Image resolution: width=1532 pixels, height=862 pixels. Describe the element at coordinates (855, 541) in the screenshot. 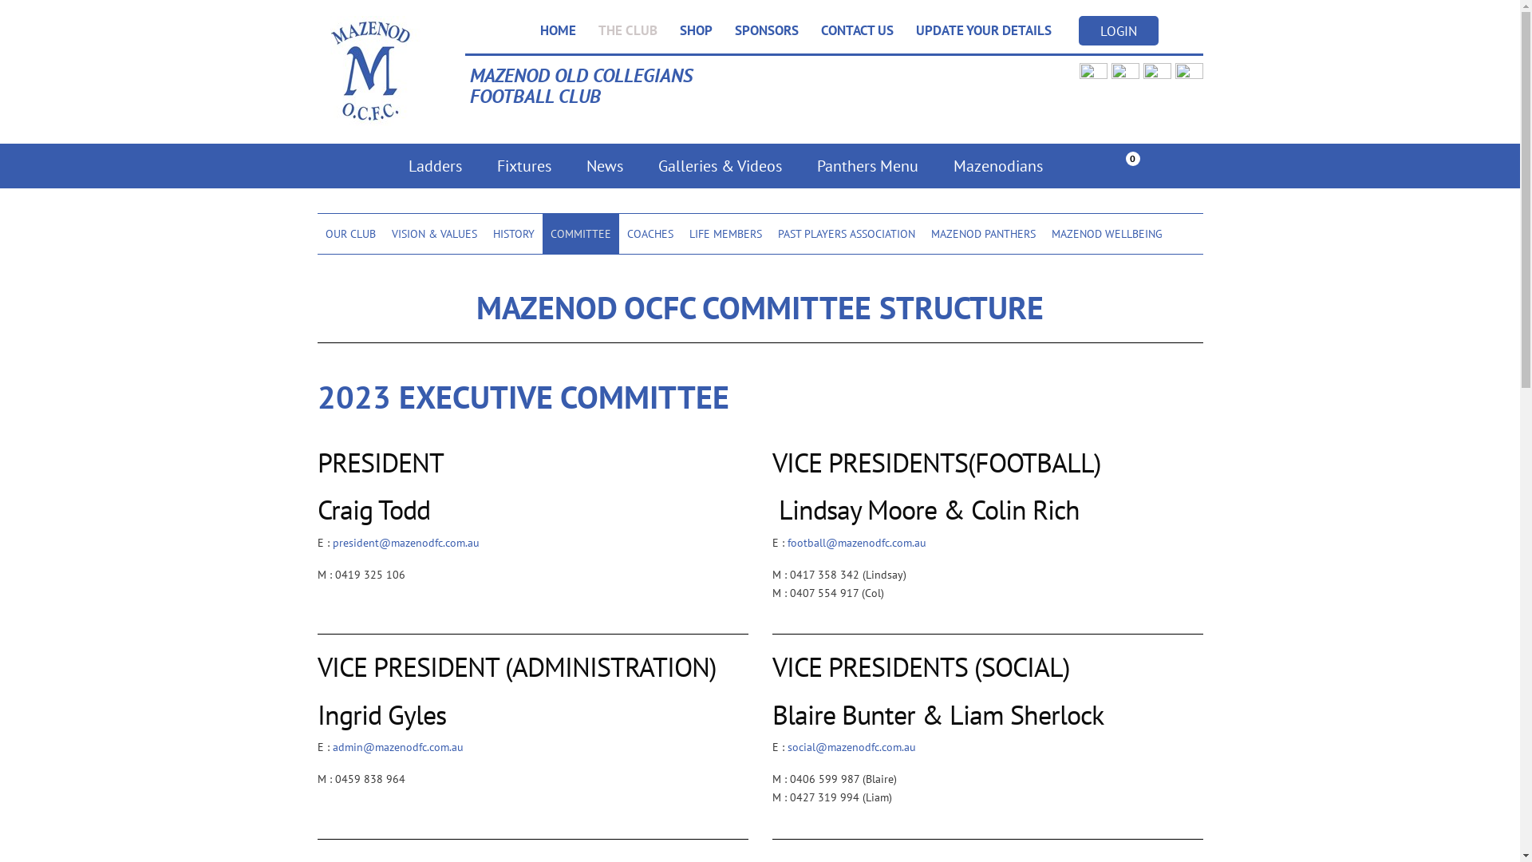

I see `'football@mazenodfc.com.au'` at that location.